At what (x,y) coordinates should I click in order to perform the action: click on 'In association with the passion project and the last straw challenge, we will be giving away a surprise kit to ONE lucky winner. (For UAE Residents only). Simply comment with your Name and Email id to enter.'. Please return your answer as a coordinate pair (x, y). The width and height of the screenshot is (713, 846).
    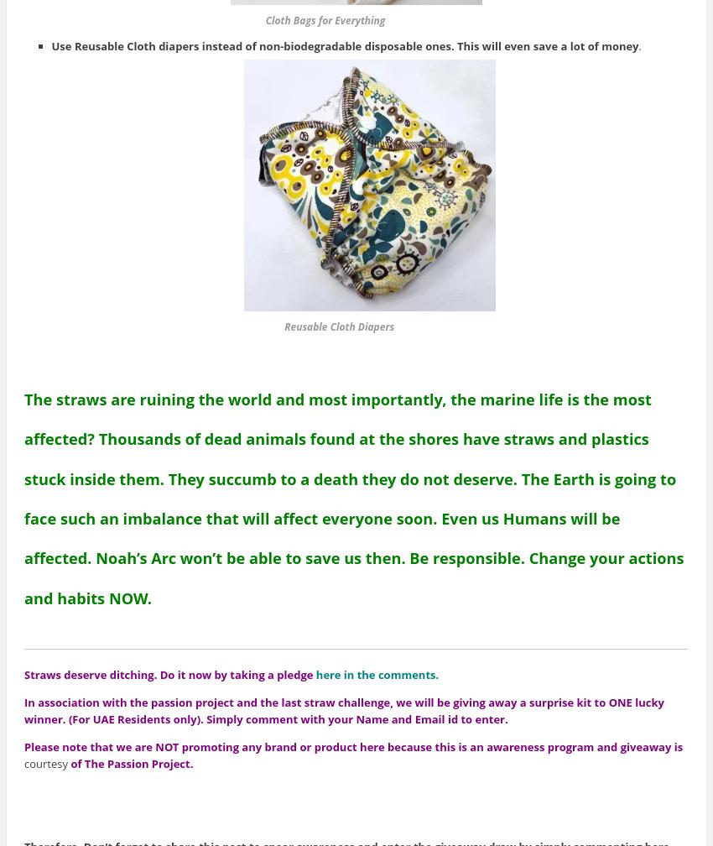
    Looking at the image, I should click on (344, 711).